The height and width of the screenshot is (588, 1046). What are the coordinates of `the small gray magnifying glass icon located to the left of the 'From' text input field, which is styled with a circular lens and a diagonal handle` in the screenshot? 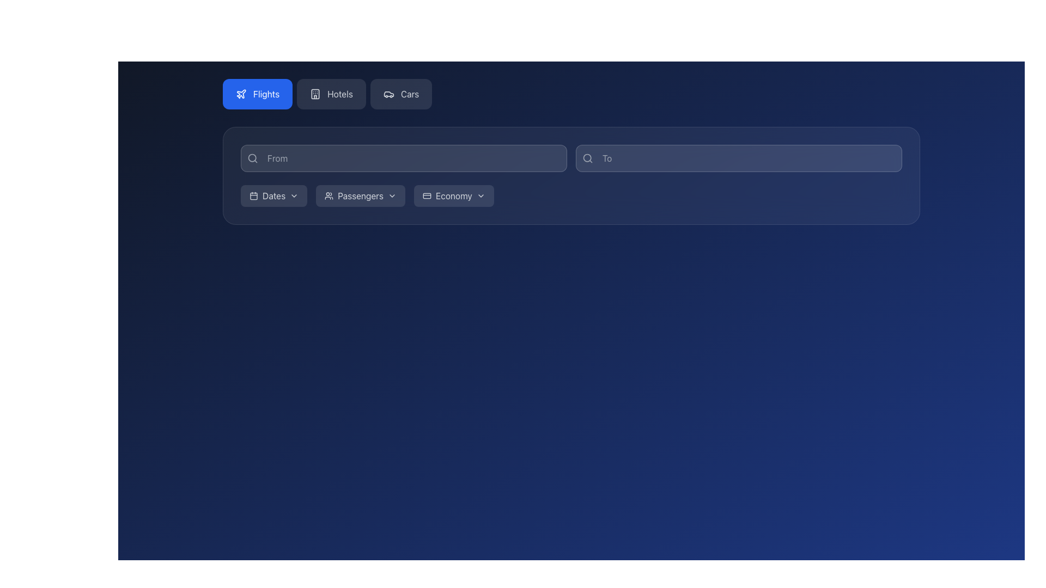 It's located at (252, 158).